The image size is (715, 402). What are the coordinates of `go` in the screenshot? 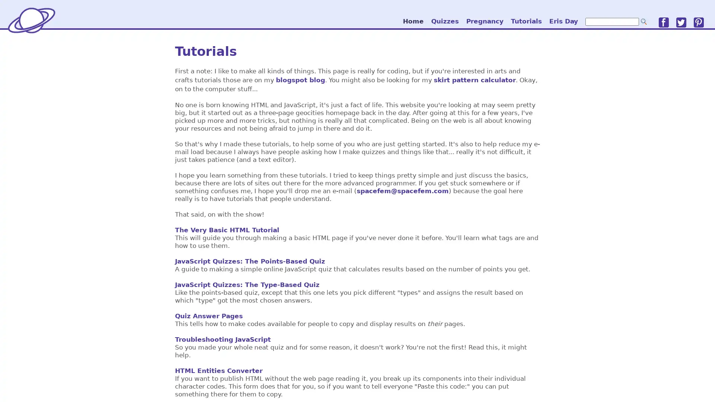 It's located at (645, 21).